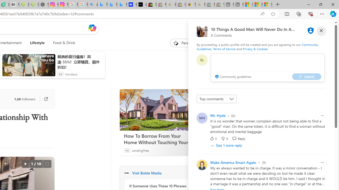  Describe the element at coordinates (47, 164) in the screenshot. I see `'Full screen'` at that location.